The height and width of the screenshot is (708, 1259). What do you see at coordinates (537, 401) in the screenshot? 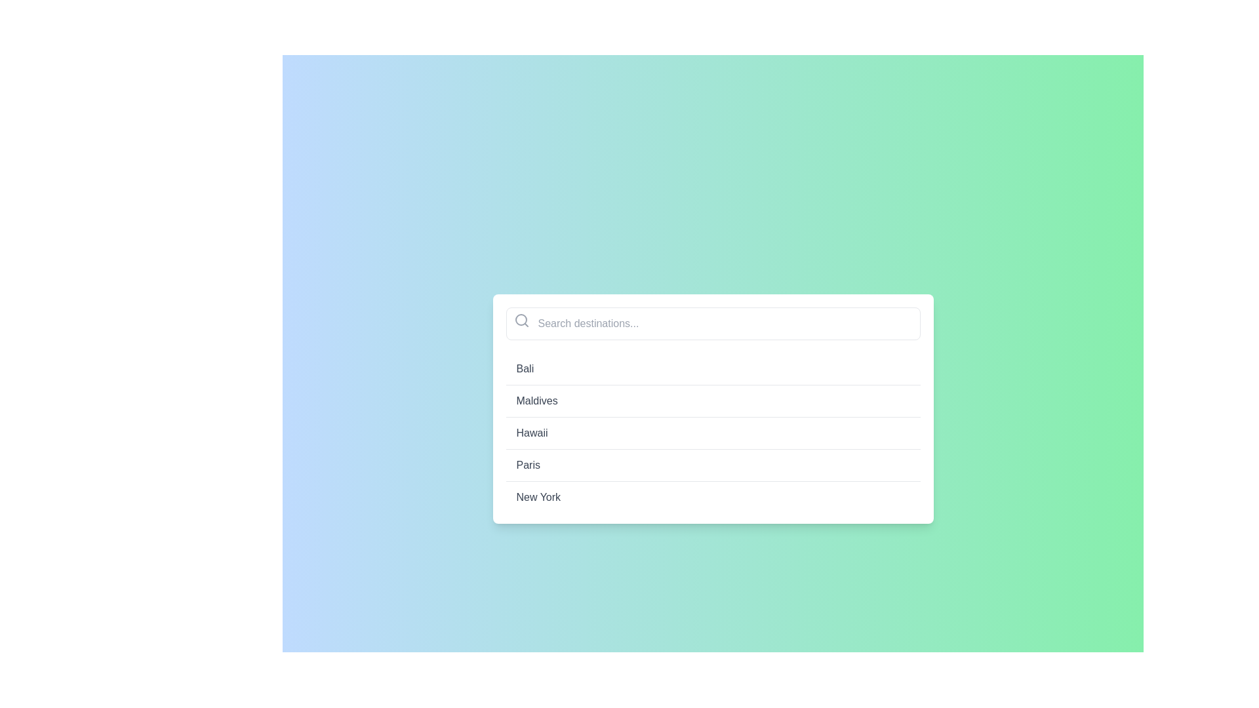
I see `the text label 'Maldives'` at bounding box center [537, 401].